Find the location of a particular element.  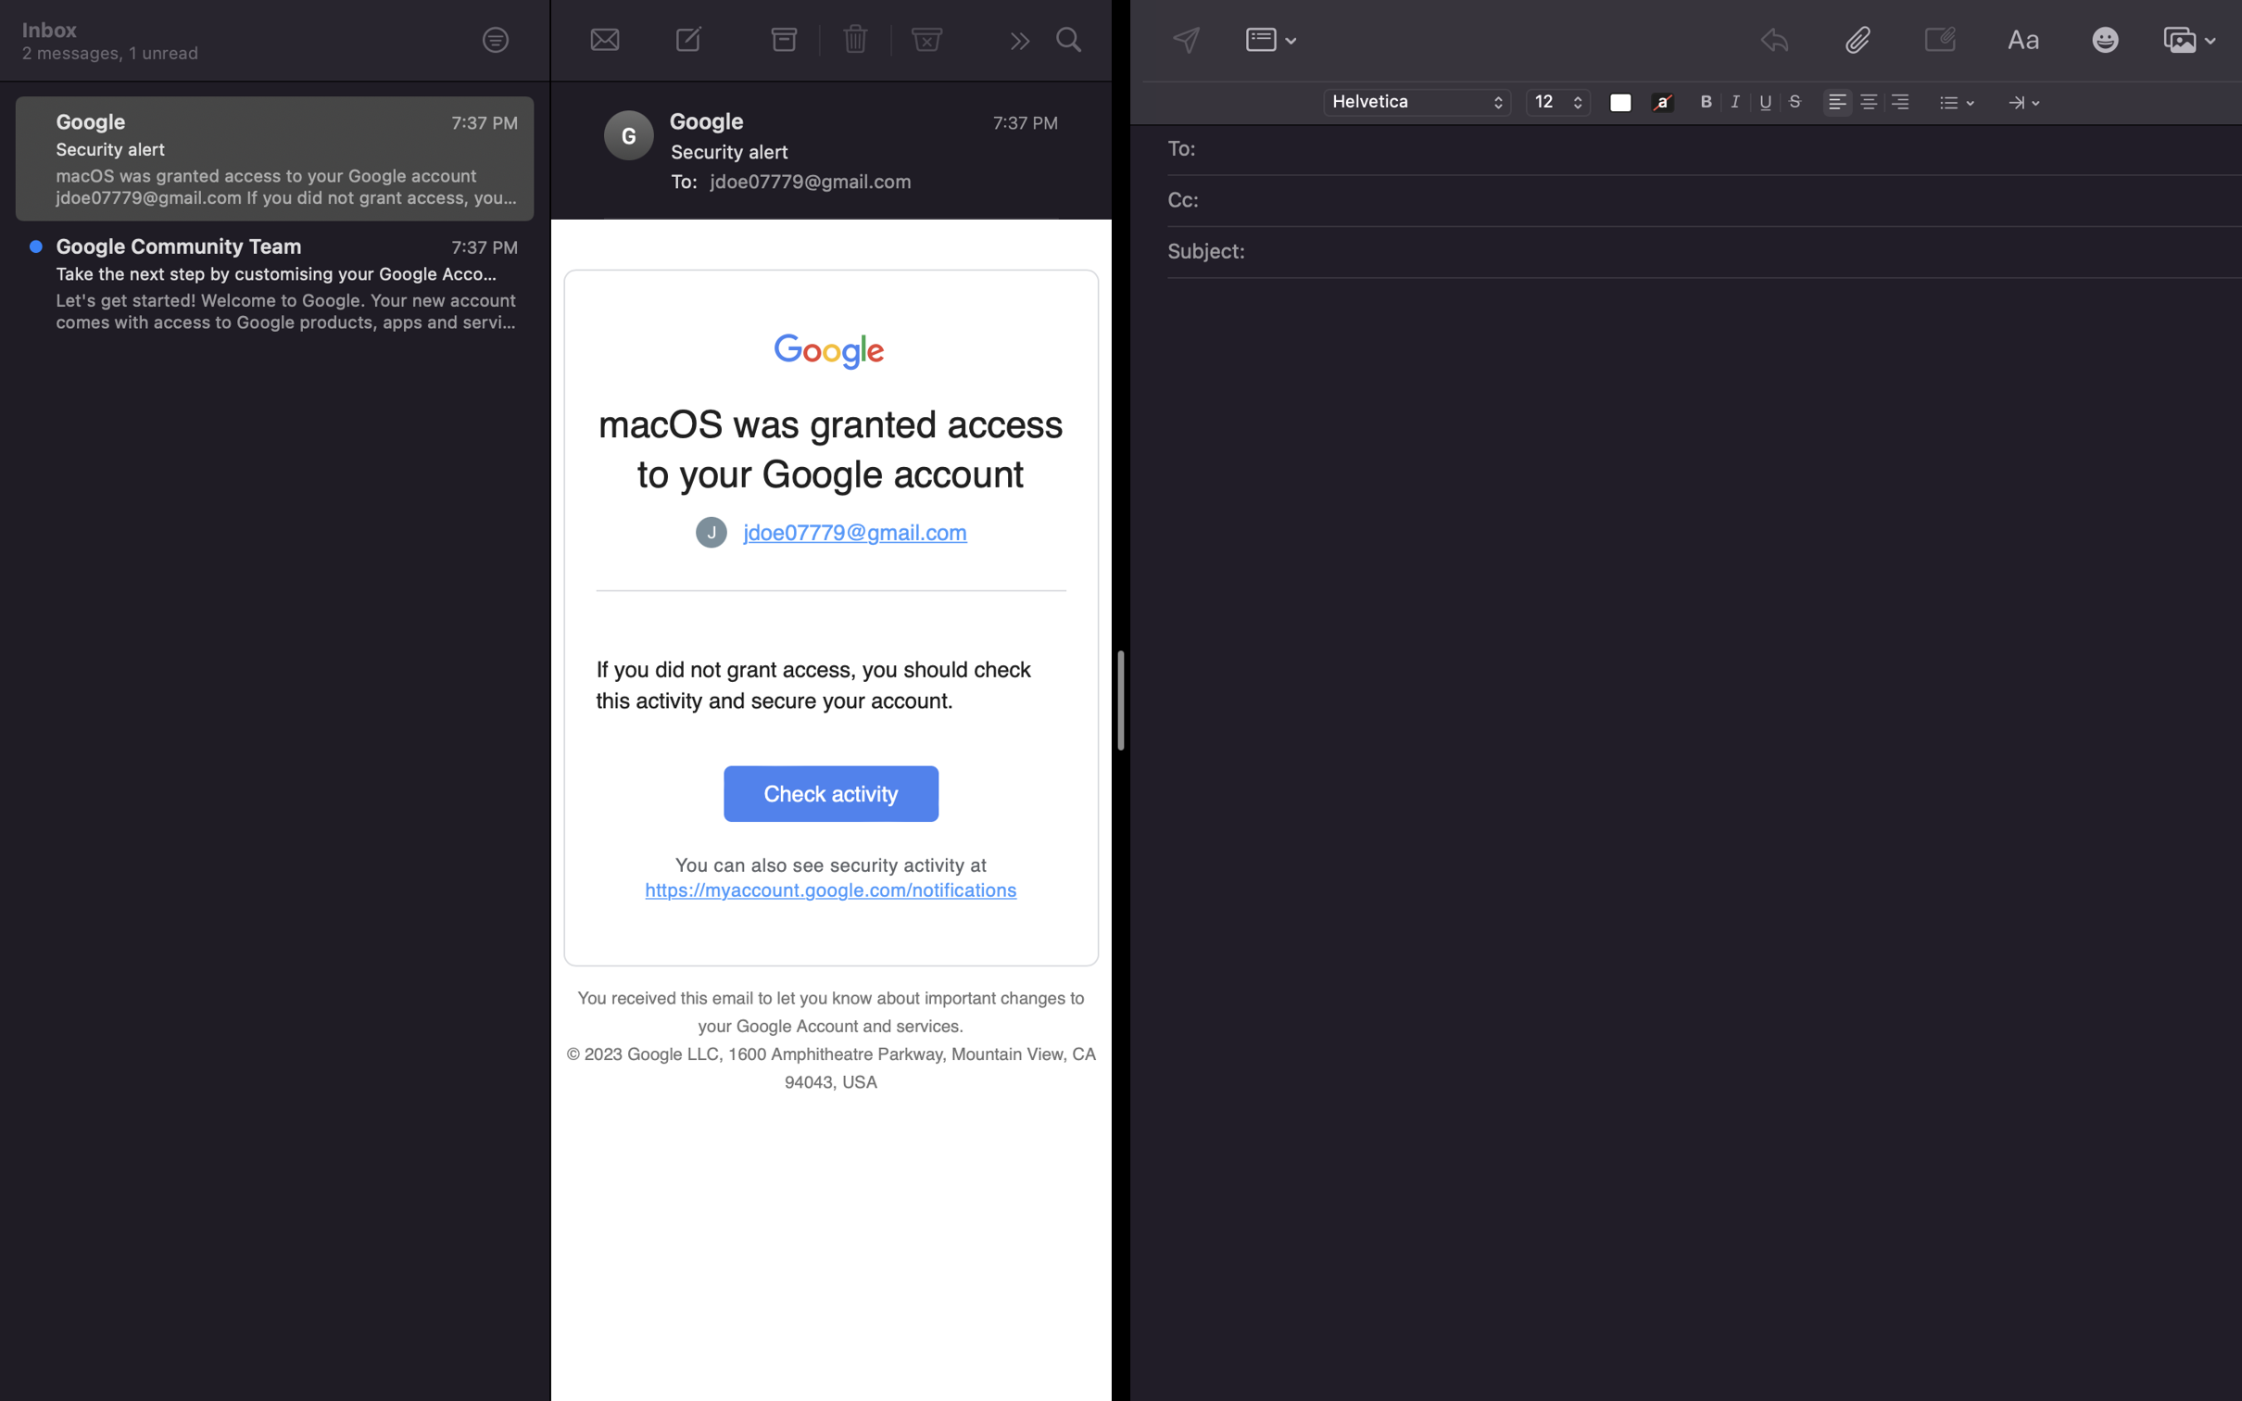

Write "jane@gmail.com" in the email"s "To" field is located at coordinates (1718, 150).